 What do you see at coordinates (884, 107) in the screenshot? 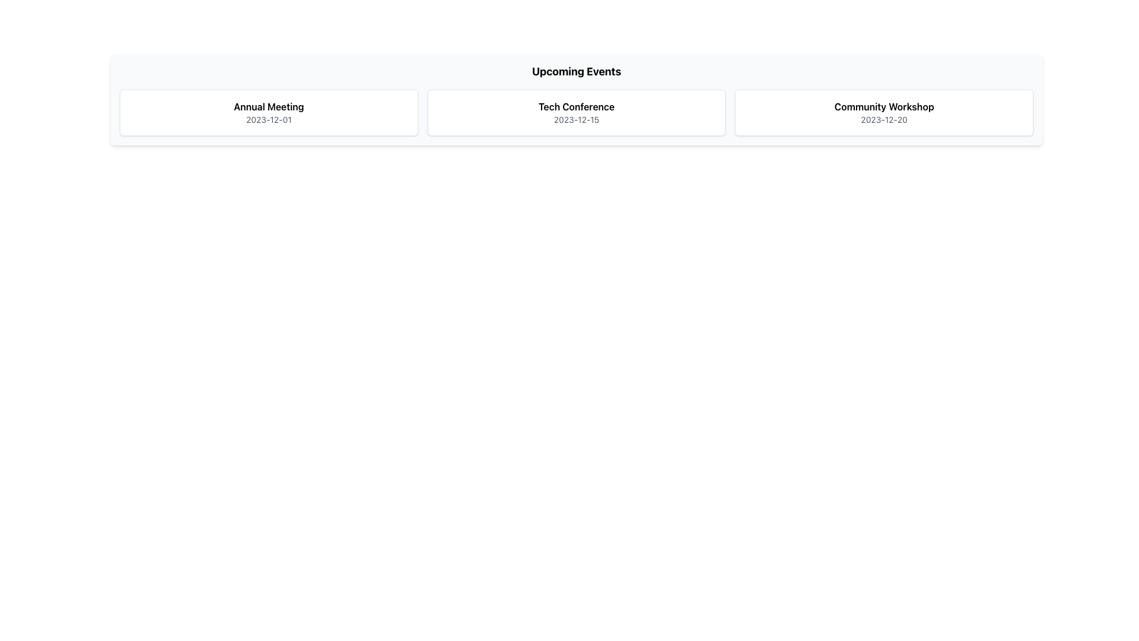
I see `the text label titled 'Community Workshop', which is located in the third event card of a horizontal set of event cards, positioned above the date label '2023-12-20'` at bounding box center [884, 107].